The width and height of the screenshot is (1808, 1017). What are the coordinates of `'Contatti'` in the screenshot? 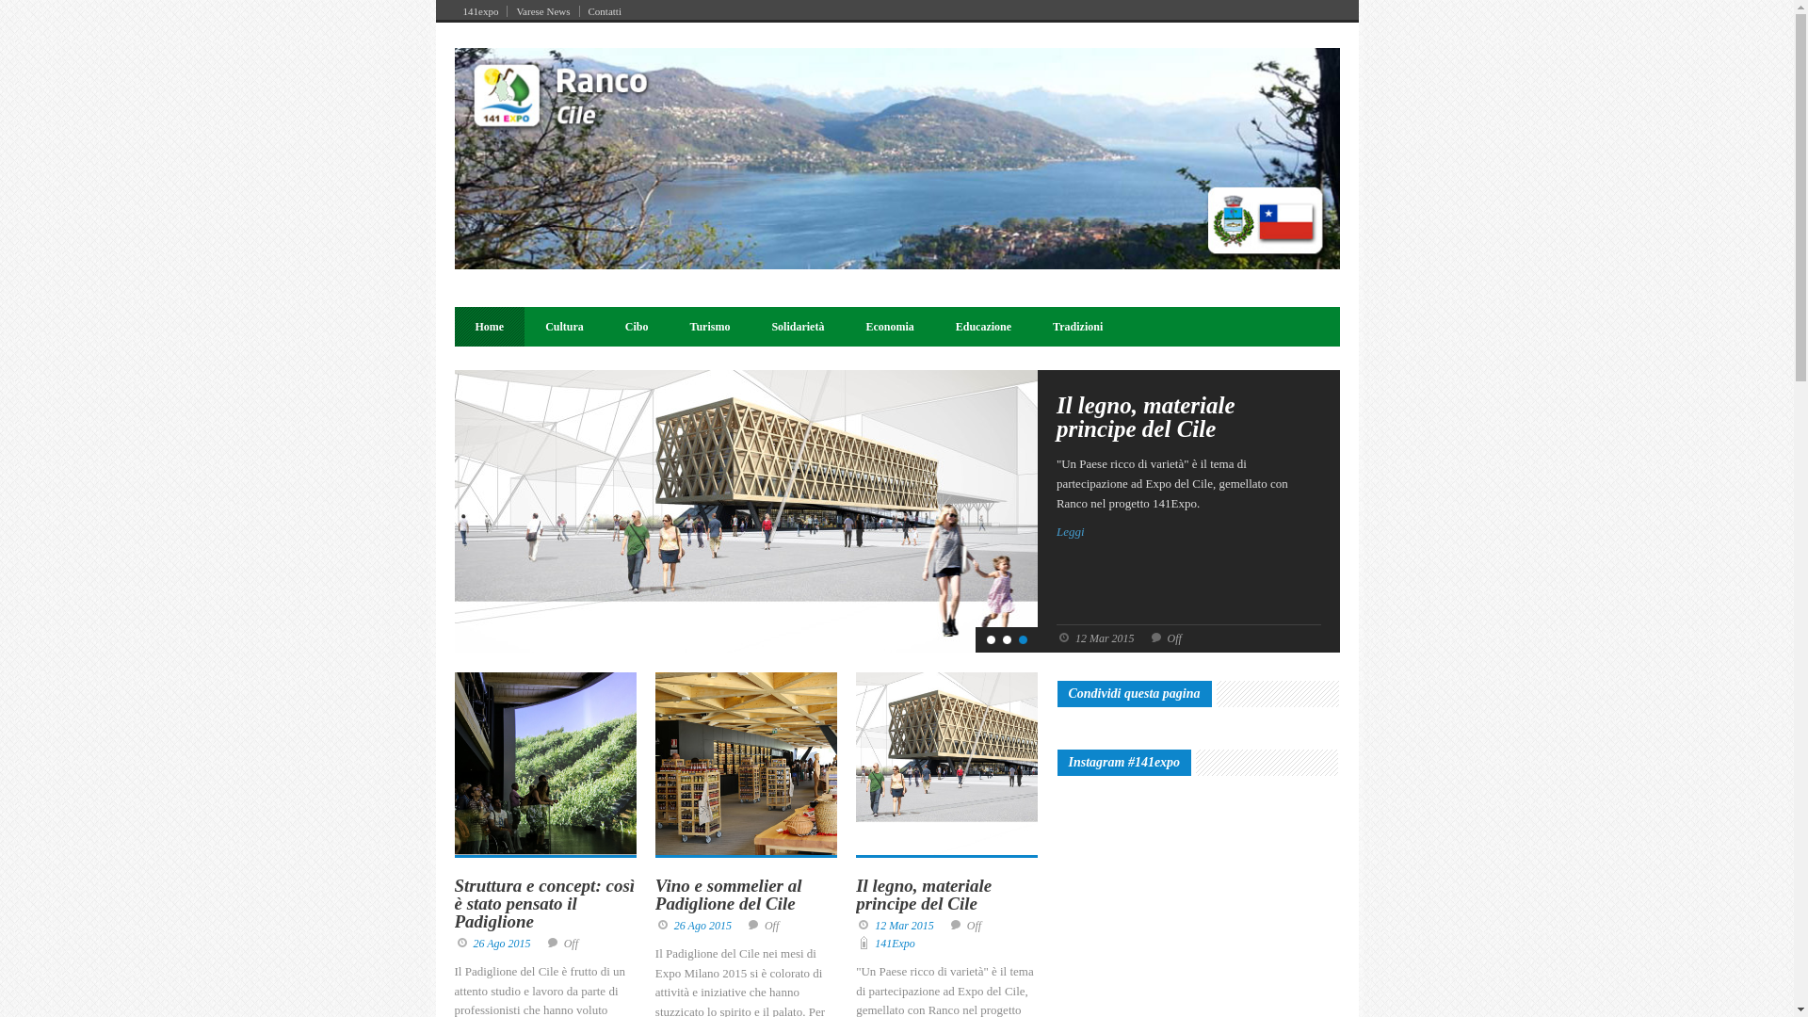 It's located at (605, 10).